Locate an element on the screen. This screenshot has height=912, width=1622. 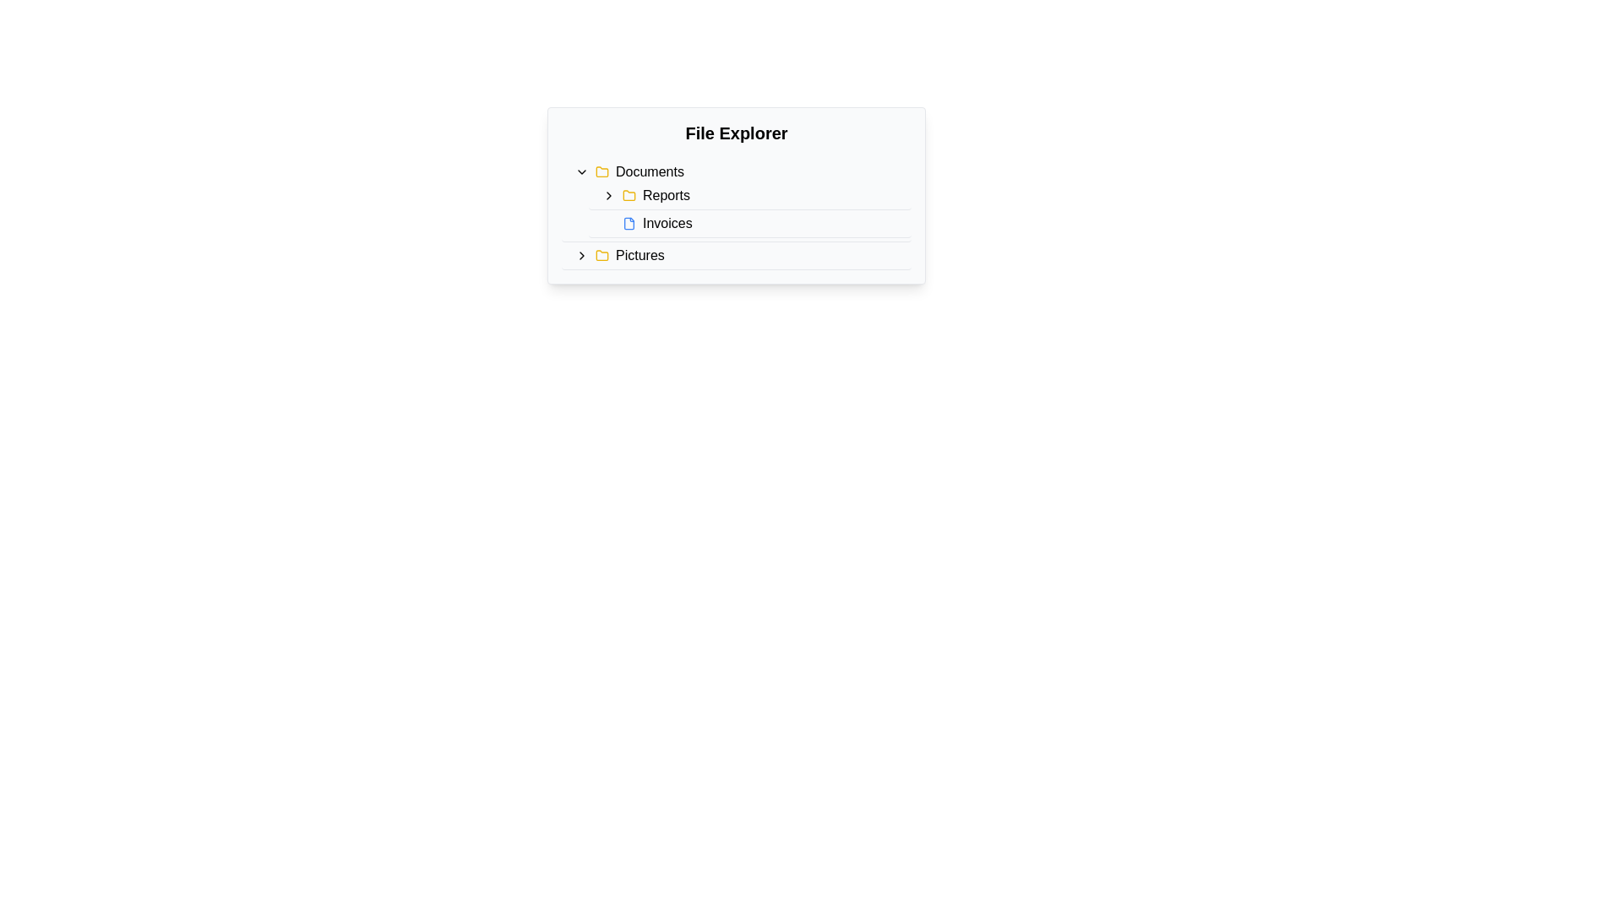
the 'Pictures' folder item in the file explorer is located at coordinates (737, 256).